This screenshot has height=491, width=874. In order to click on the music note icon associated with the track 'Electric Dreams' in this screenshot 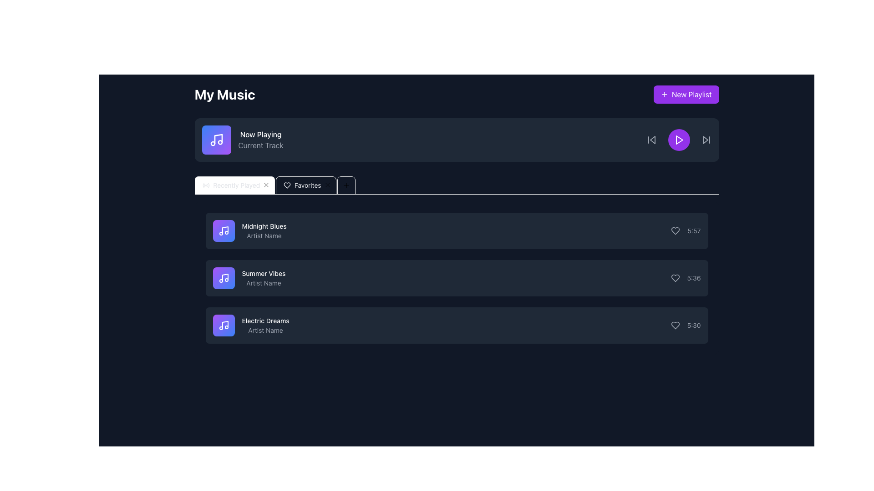, I will do `click(224, 325)`.